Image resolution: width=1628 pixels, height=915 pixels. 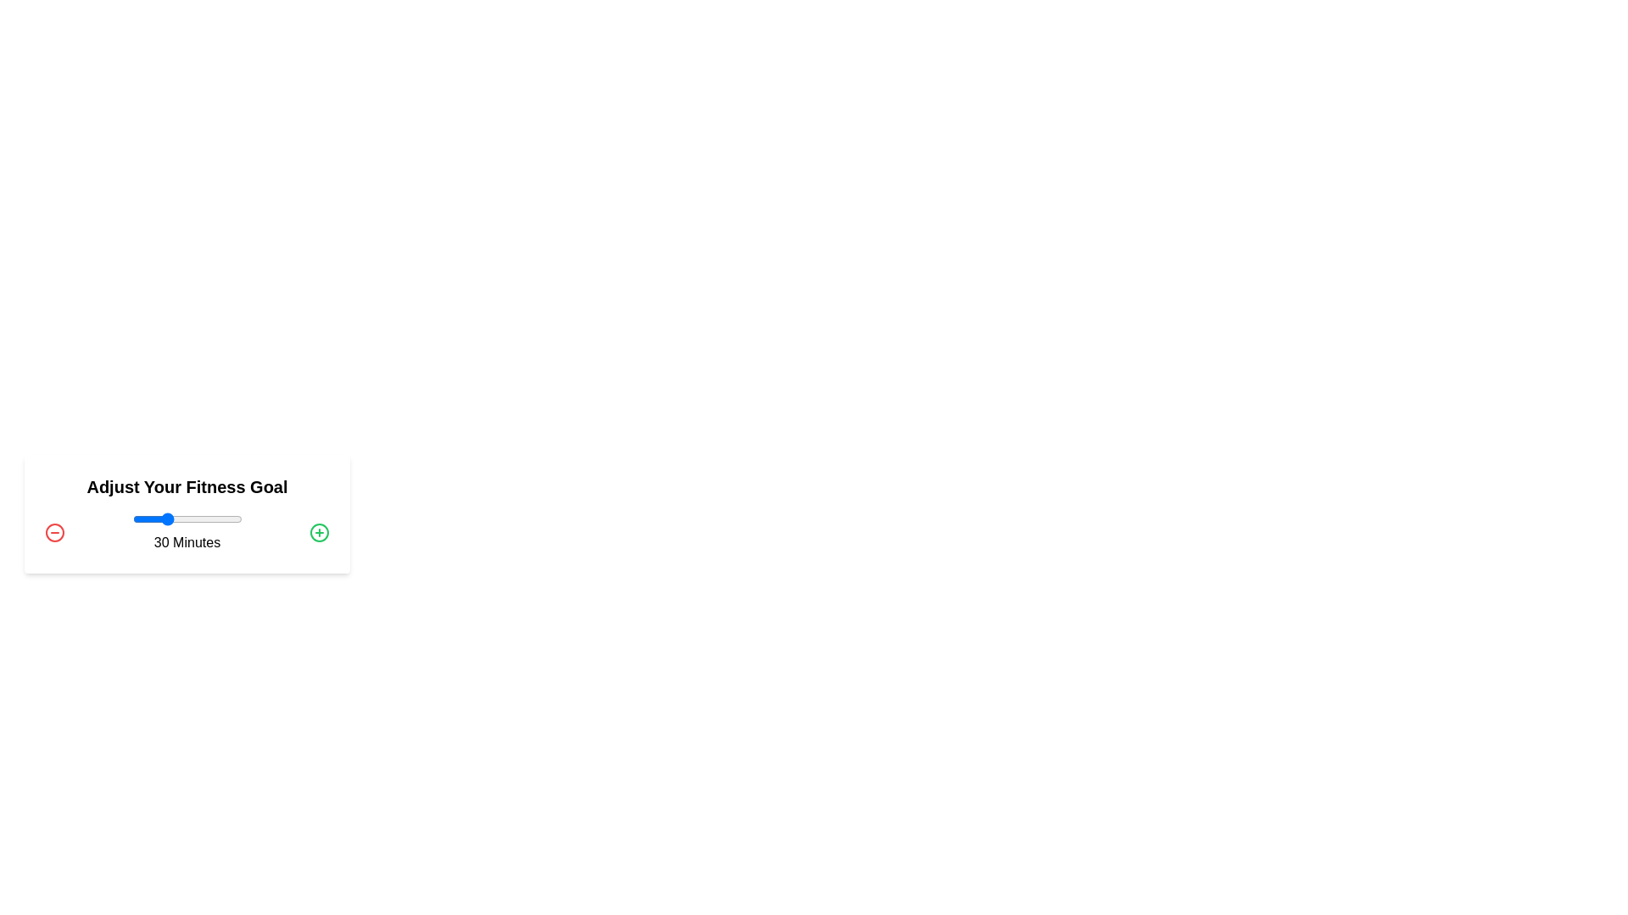 What do you see at coordinates (320, 531) in the screenshot?
I see `the innermost circle in the bottom-right corner of the card UI labeled 'Adjust Your Fitness Goal' to indicate a selected state or point of interest` at bounding box center [320, 531].